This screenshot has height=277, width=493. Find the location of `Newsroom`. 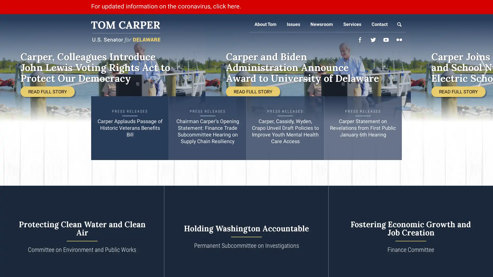

Newsroom is located at coordinates (321, 24).